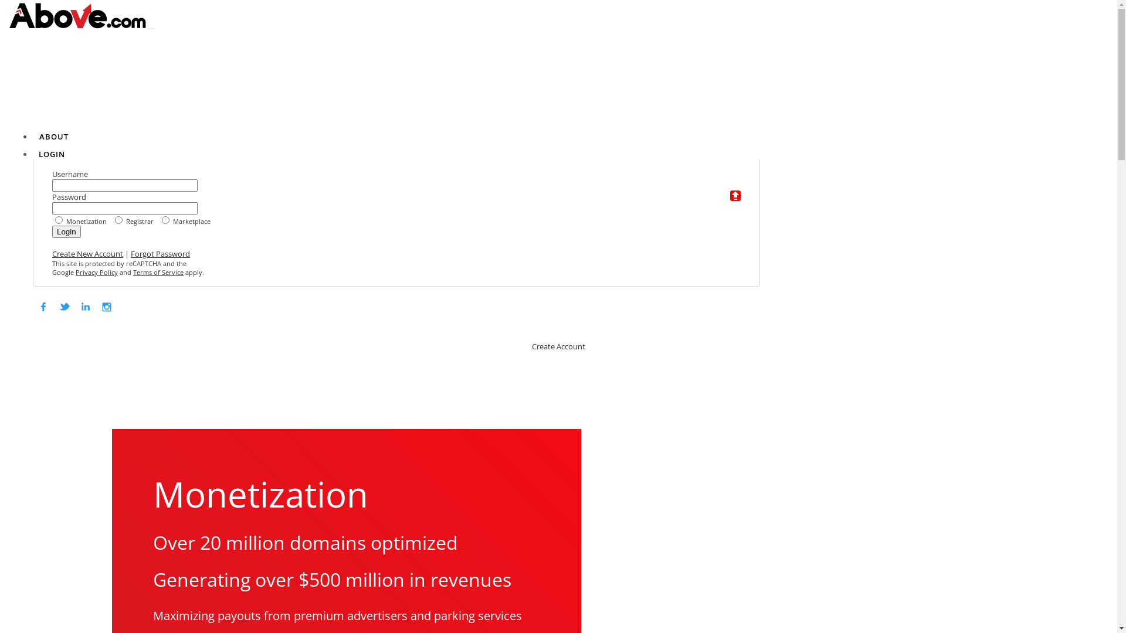 This screenshot has height=633, width=1126. I want to click on 'Monetization', so click(408, 302).